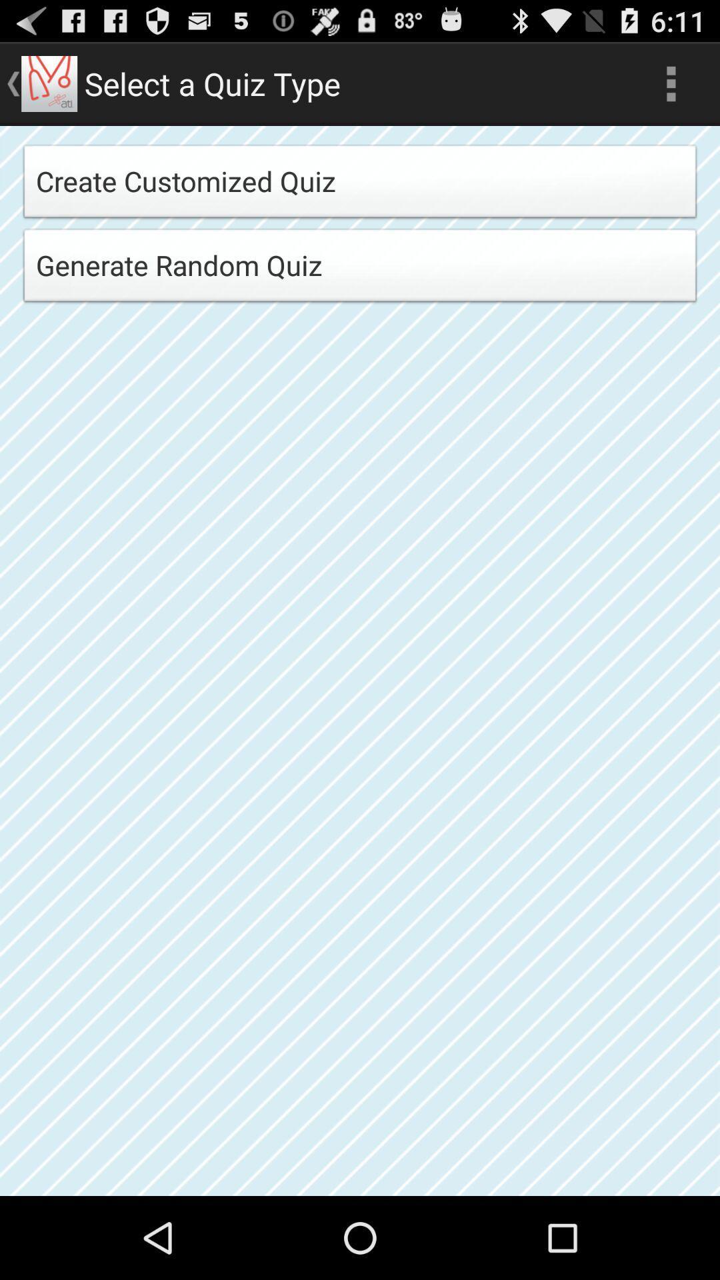  I want to click on create customized quiz icon, so click(360, 185).